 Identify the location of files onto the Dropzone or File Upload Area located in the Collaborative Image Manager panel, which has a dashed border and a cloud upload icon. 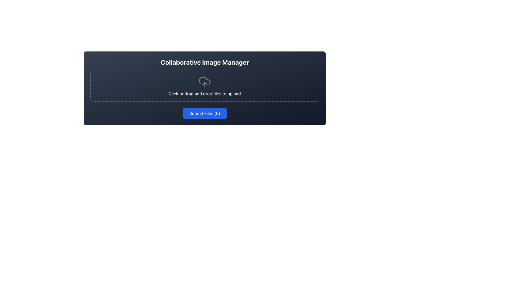
(204, 86).